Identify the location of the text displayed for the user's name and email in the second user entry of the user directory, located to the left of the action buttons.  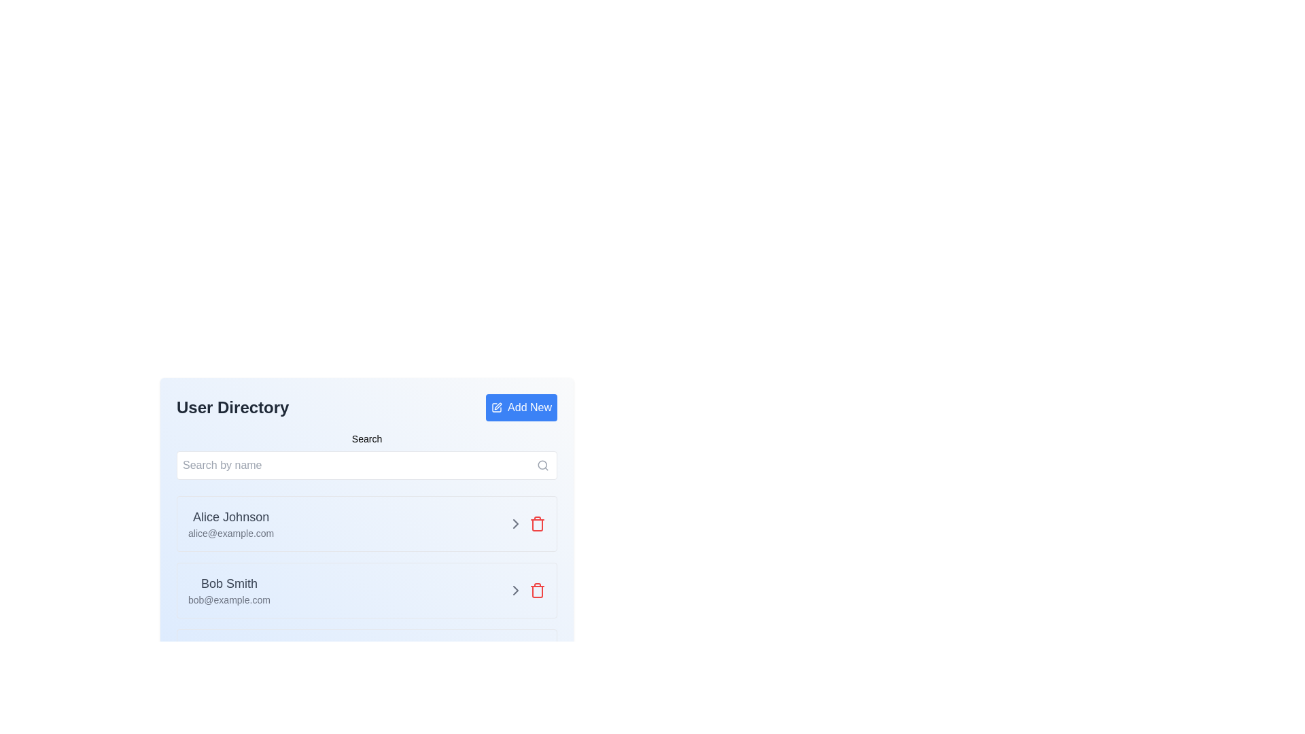
(229, 589).